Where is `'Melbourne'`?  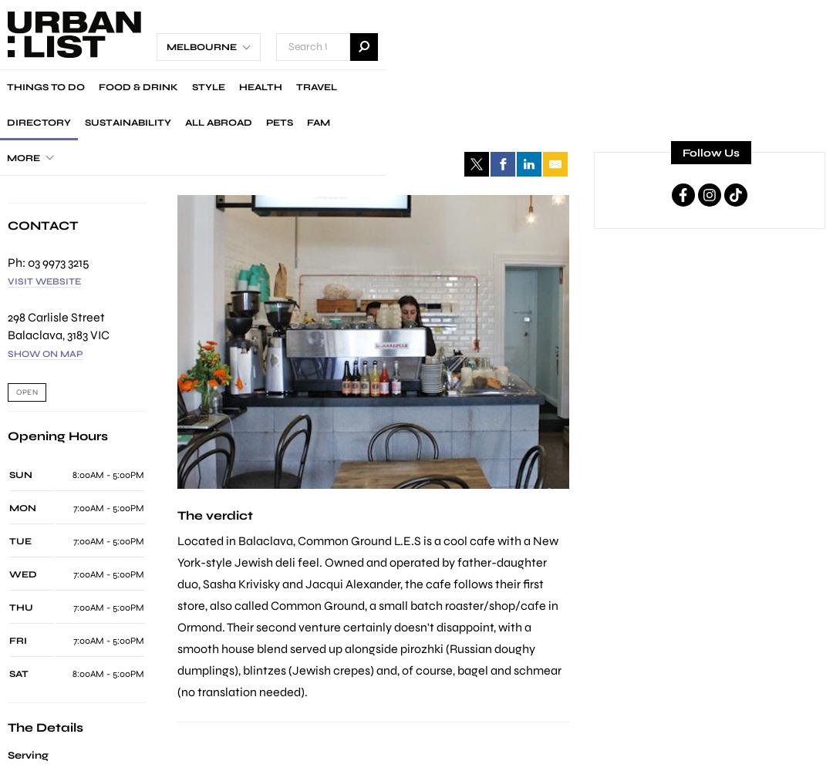
'Melbourne' is located at coordinates (201, 47).